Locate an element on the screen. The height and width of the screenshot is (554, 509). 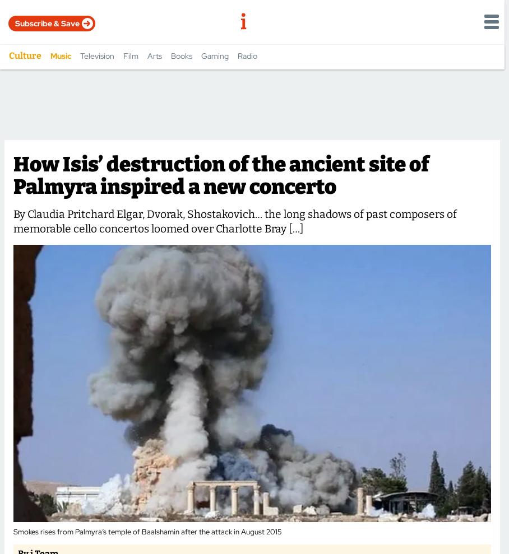
'Culture' is located at coordinates (25, 55).